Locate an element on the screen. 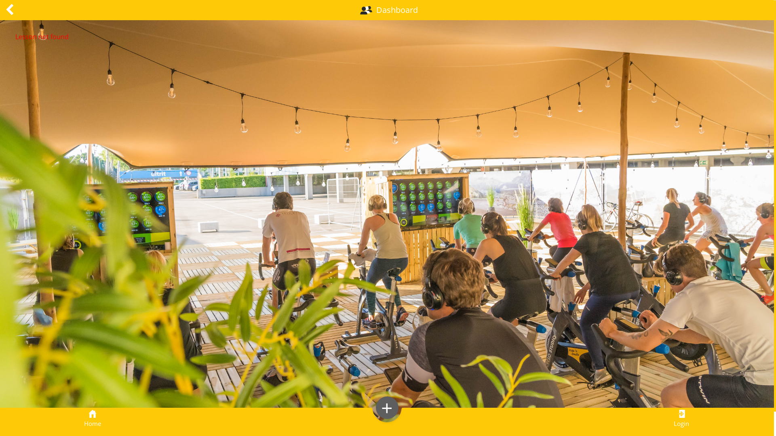 The width and height of the screenshot is (776, 436). '+' is located at coordinates (387, 408).